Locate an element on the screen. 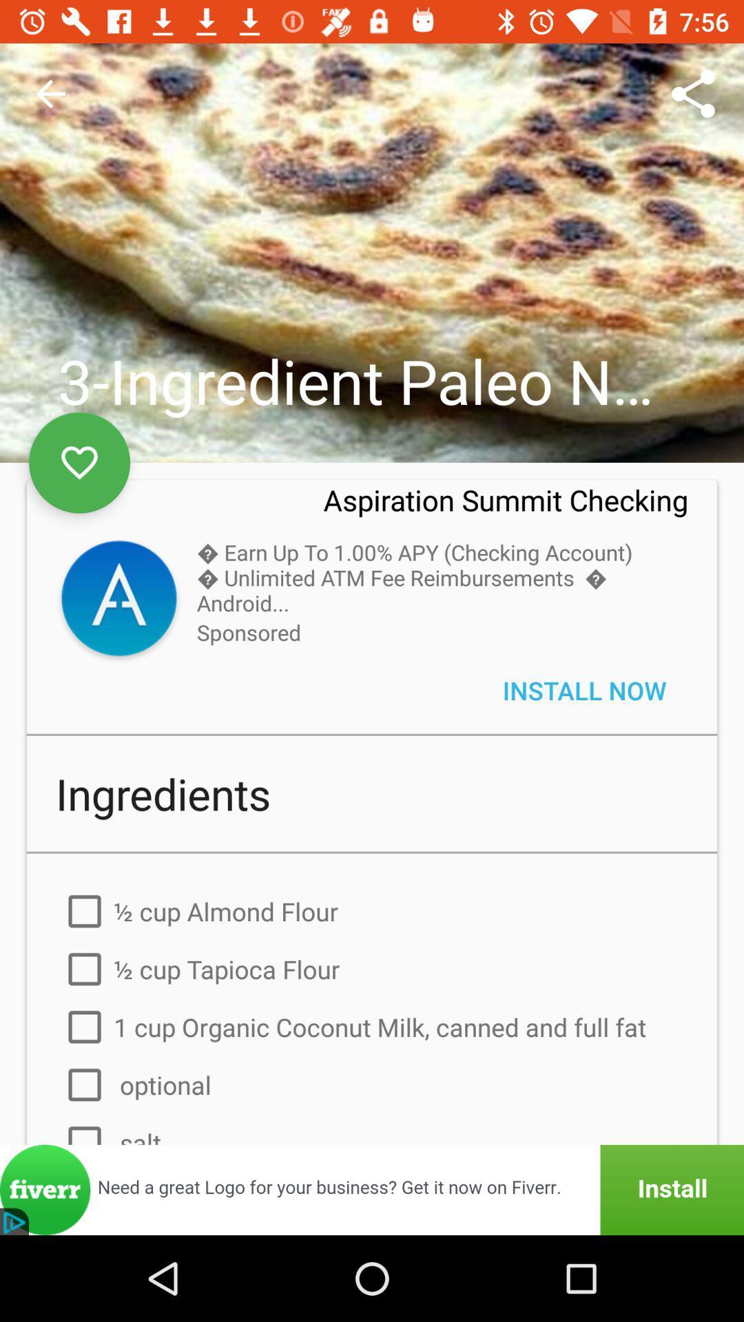 This screenshot has height=1322, width=744. the text which says 12 cup almond flour is located at coordinates (372, 912).